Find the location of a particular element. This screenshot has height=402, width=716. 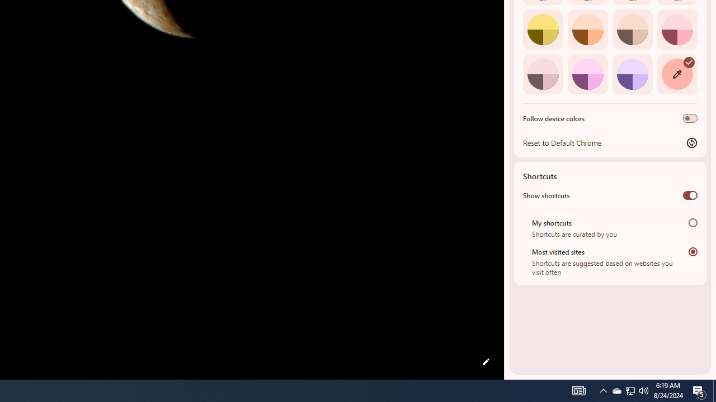

'Show shortcuts' is located at coordinates (689, 194).